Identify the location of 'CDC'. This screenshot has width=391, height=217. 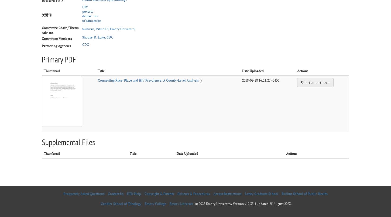
(82, 44).